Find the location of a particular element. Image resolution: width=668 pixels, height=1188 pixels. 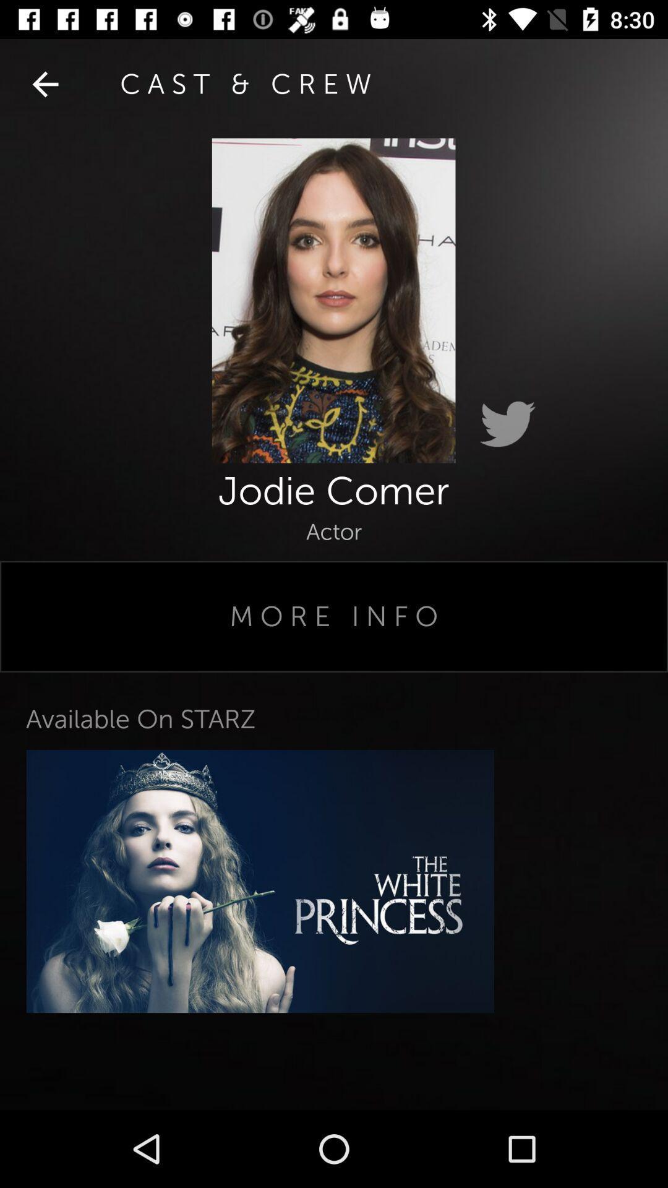

the icon below the actor item is located at coordinates (334, 616).